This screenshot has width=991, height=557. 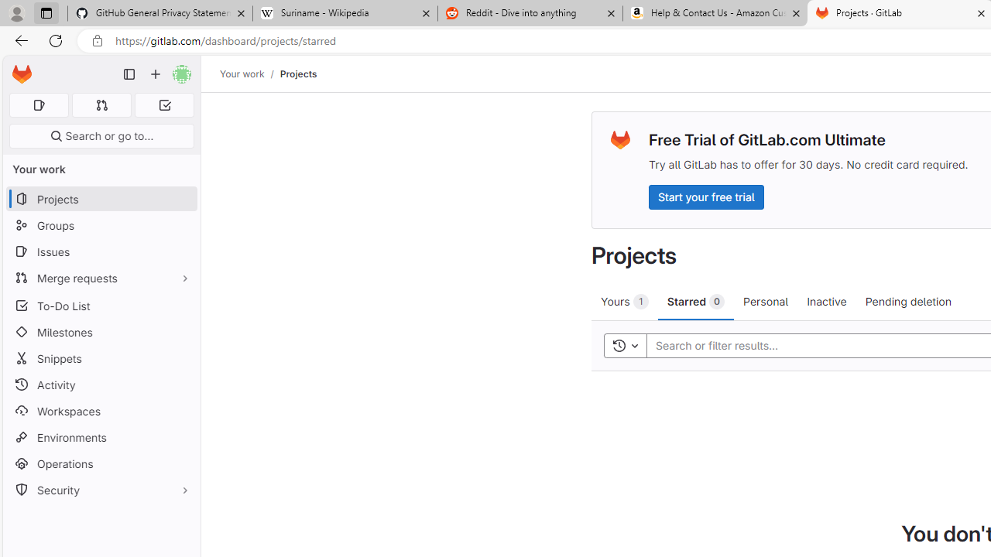 What do you see at coordinates (101, 463) in the screenshot?
I see `'Operations'` at bounding box center [101, 463].